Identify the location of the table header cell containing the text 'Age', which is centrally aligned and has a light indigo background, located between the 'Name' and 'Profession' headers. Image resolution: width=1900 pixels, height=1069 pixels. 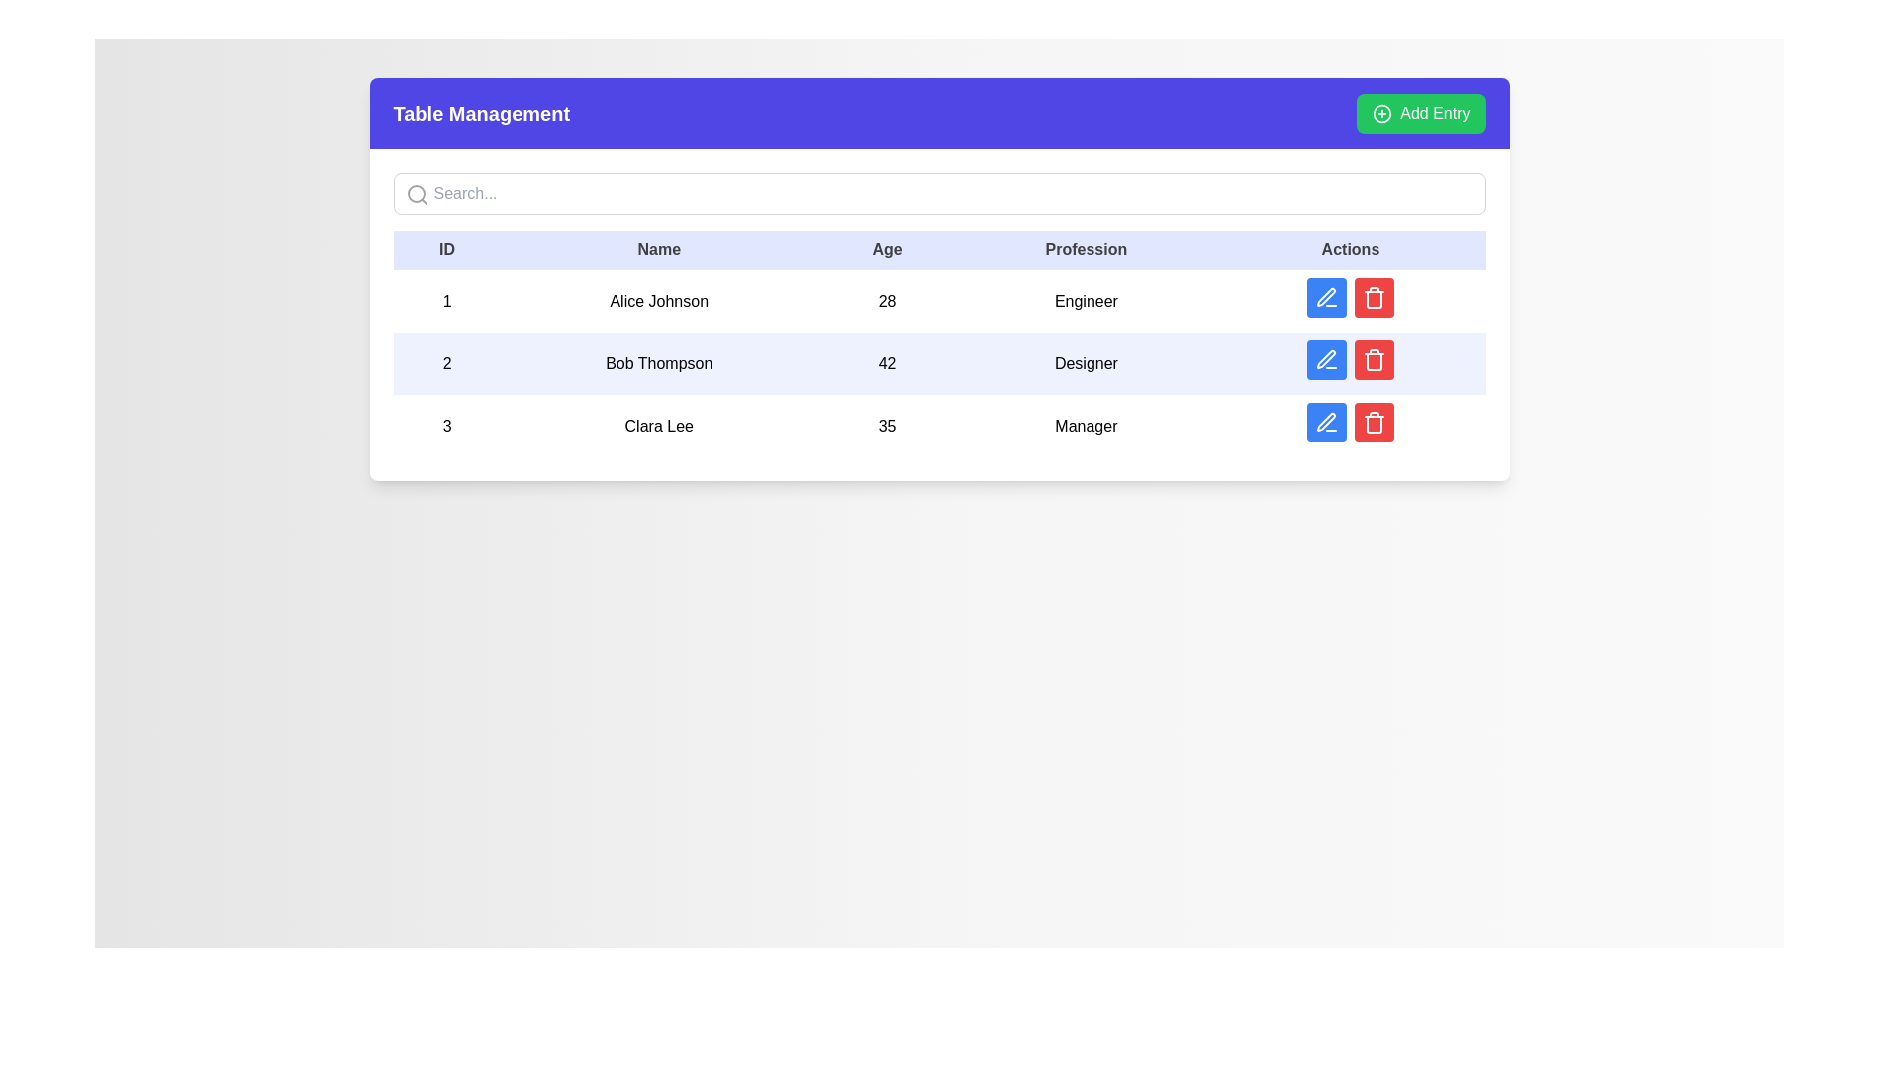
(886, 249).